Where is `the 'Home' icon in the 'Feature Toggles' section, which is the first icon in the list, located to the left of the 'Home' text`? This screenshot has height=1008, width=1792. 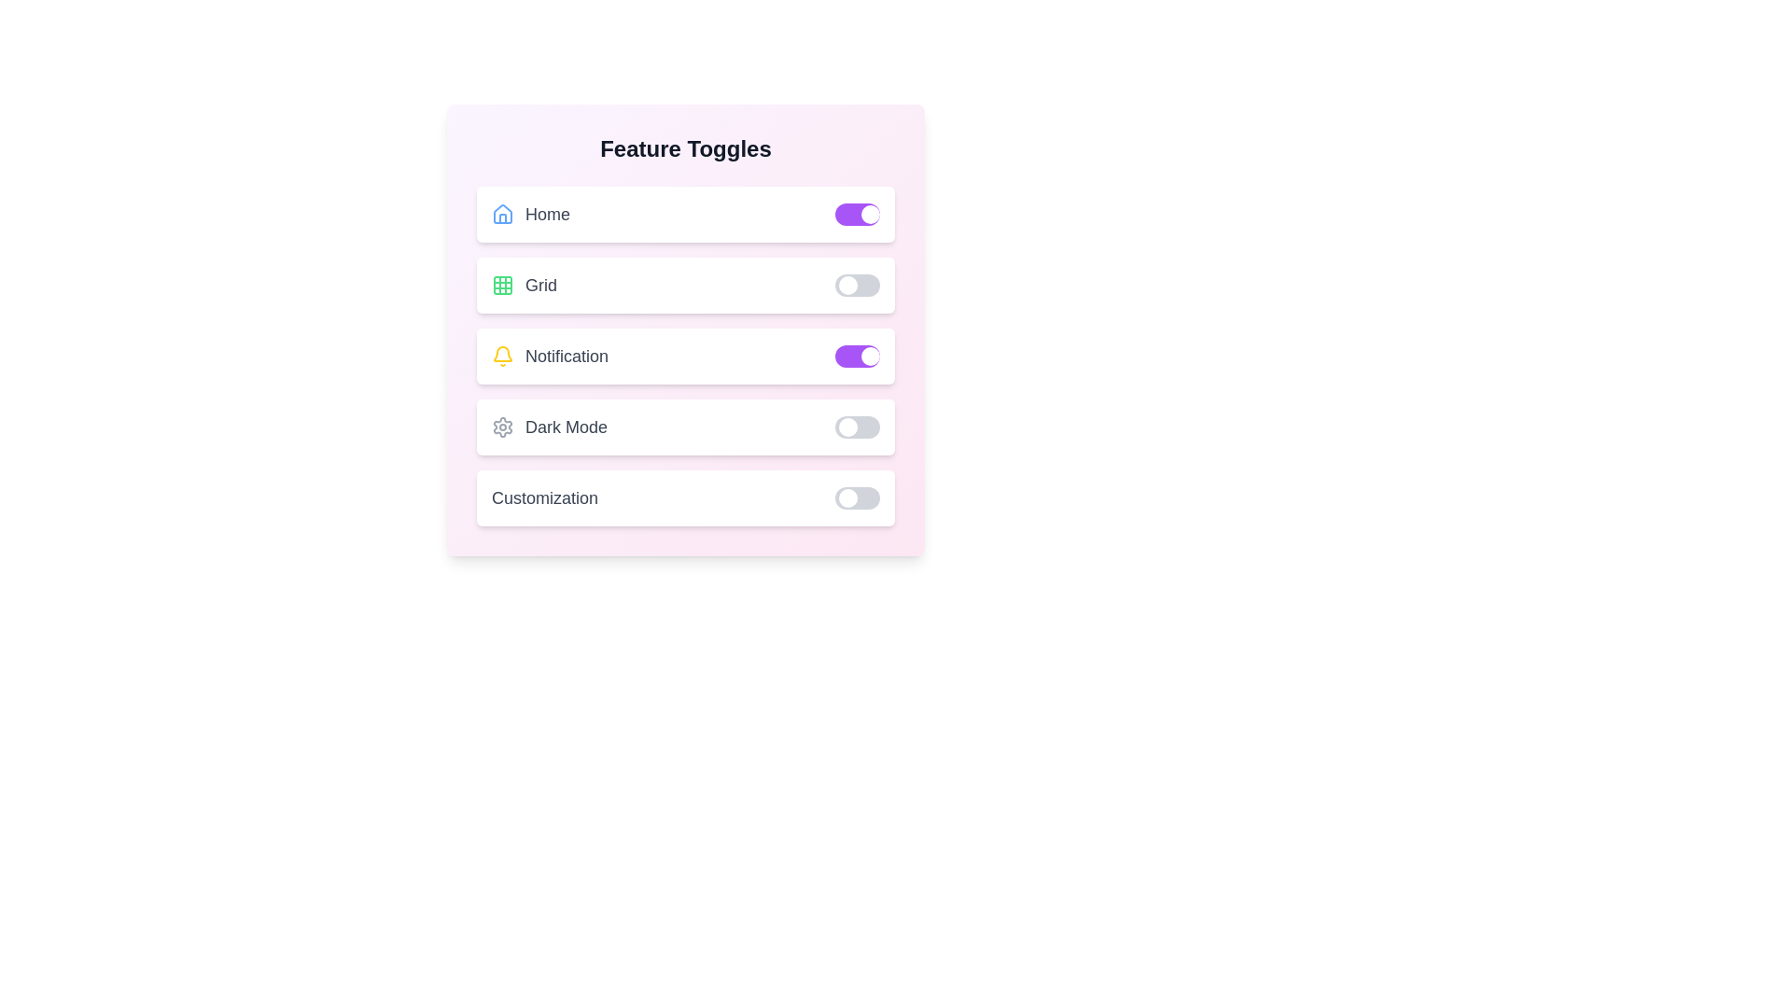 the 'Home' icon in the 'Feature Toggles' section, which is the first icon in the list, located to the left of the 'Home' text is located at coordinates (502, 212).